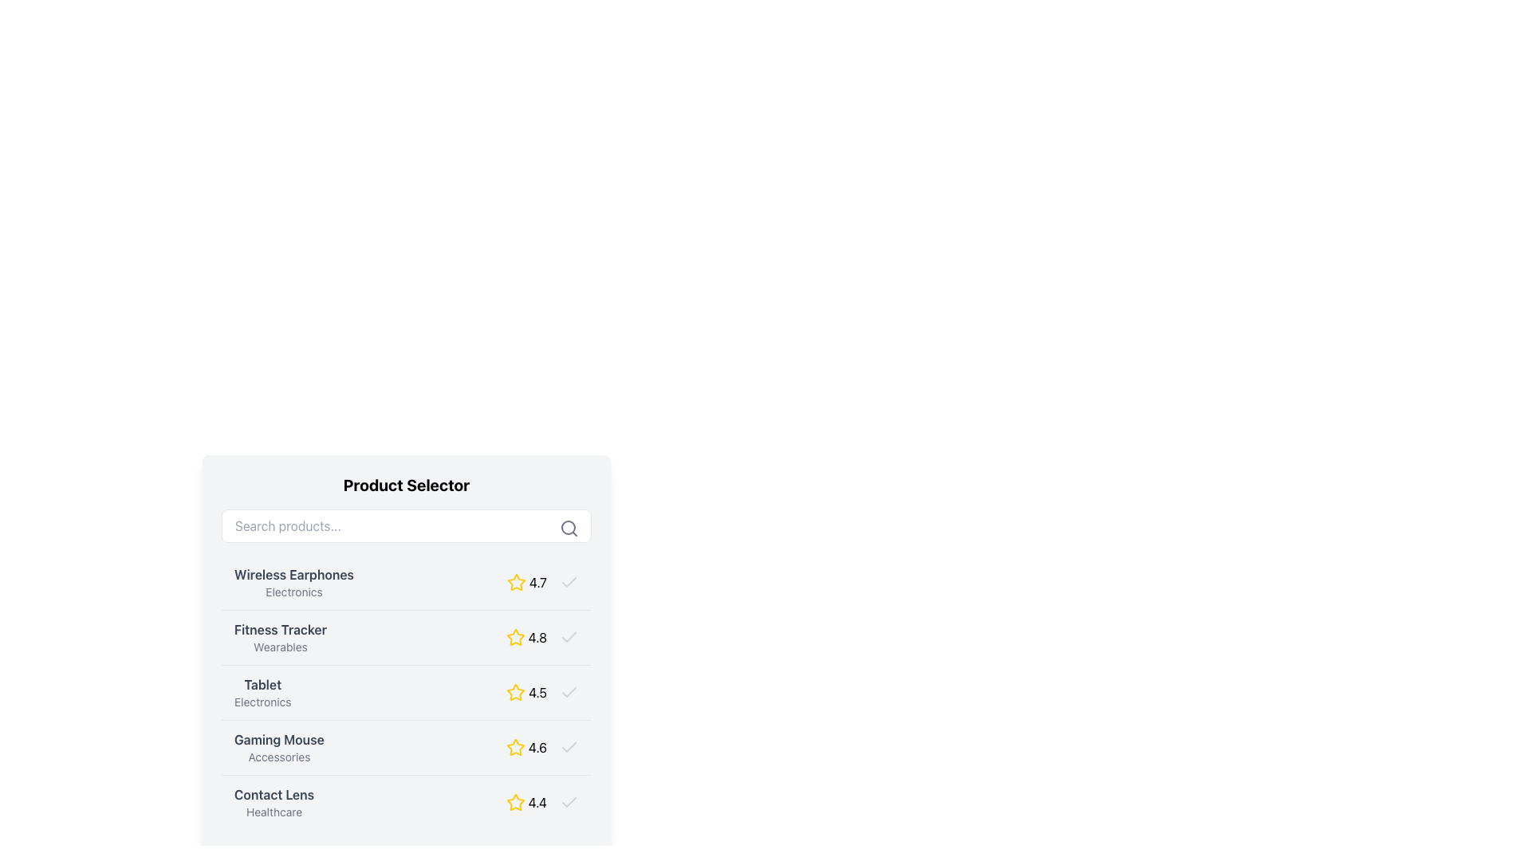 The width and height of the screenshot is (1531, 861). Describe the element at coordinates (294, 592) in the screenshot. I see `text label 'Electronics' which is displayed in gray below the title 'Wireless Earphones'` at that location.